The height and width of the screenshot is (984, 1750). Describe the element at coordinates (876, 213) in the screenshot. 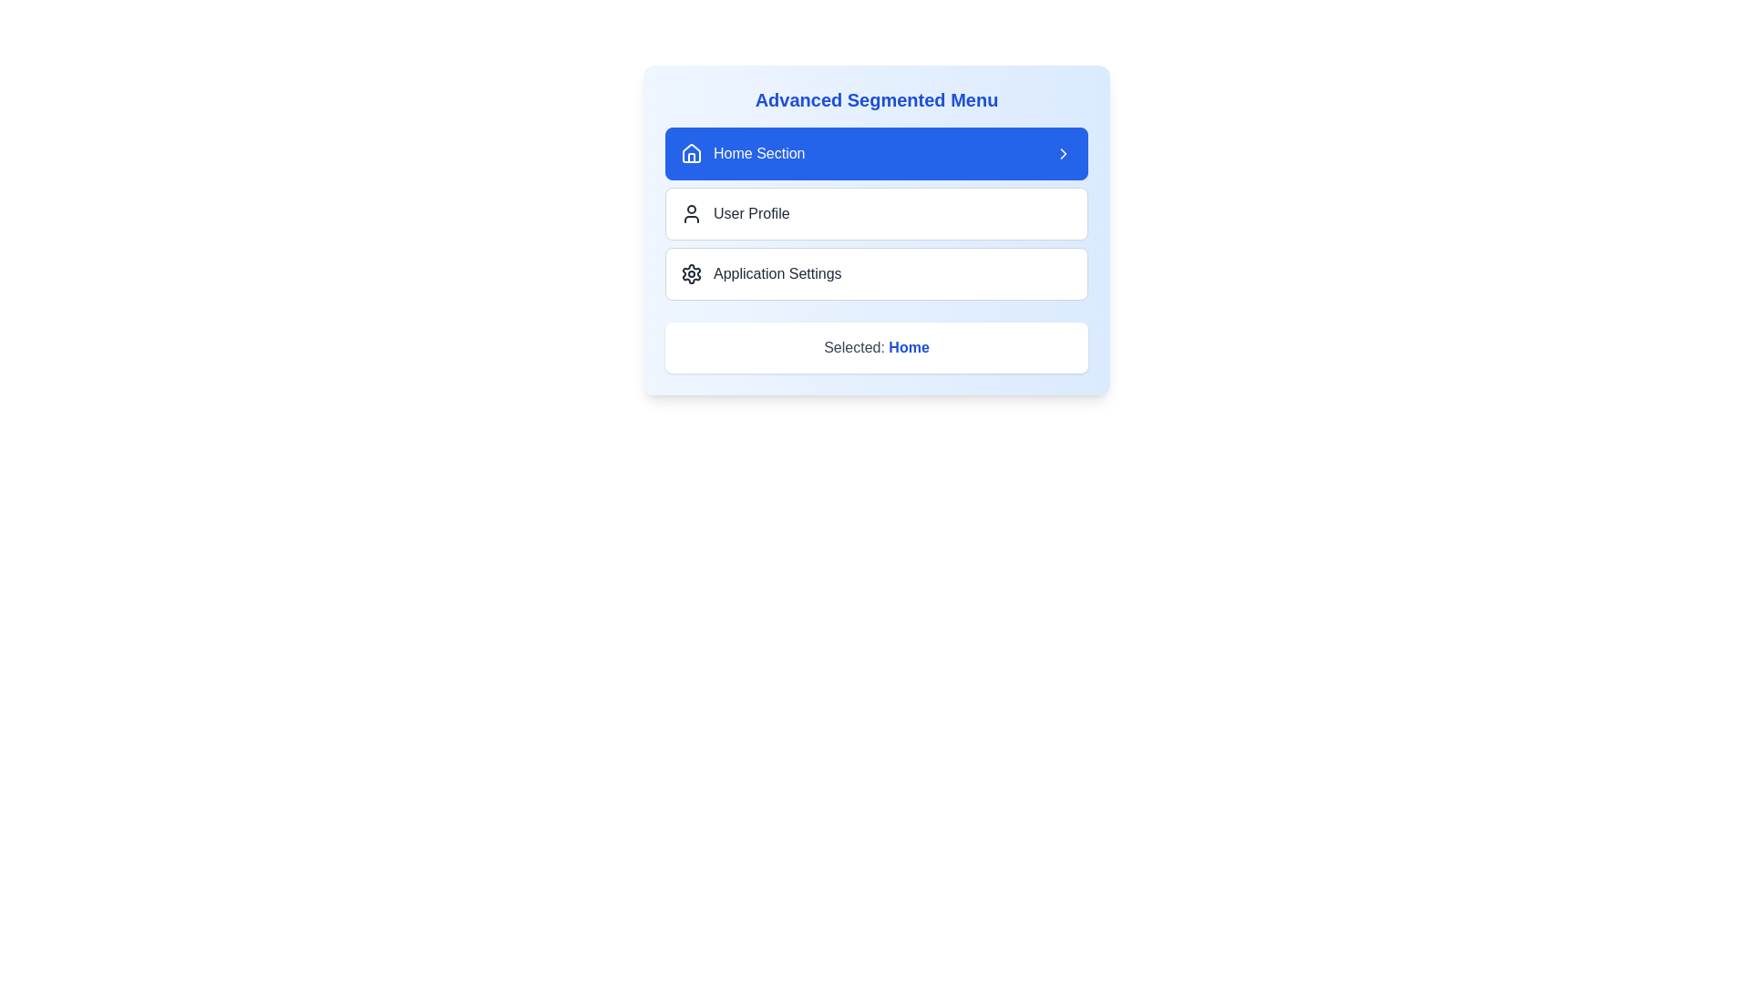

I see `the user profile button, which is the second option in the menu located below the 'Home Section' and above 'Application Settings'` at that location.